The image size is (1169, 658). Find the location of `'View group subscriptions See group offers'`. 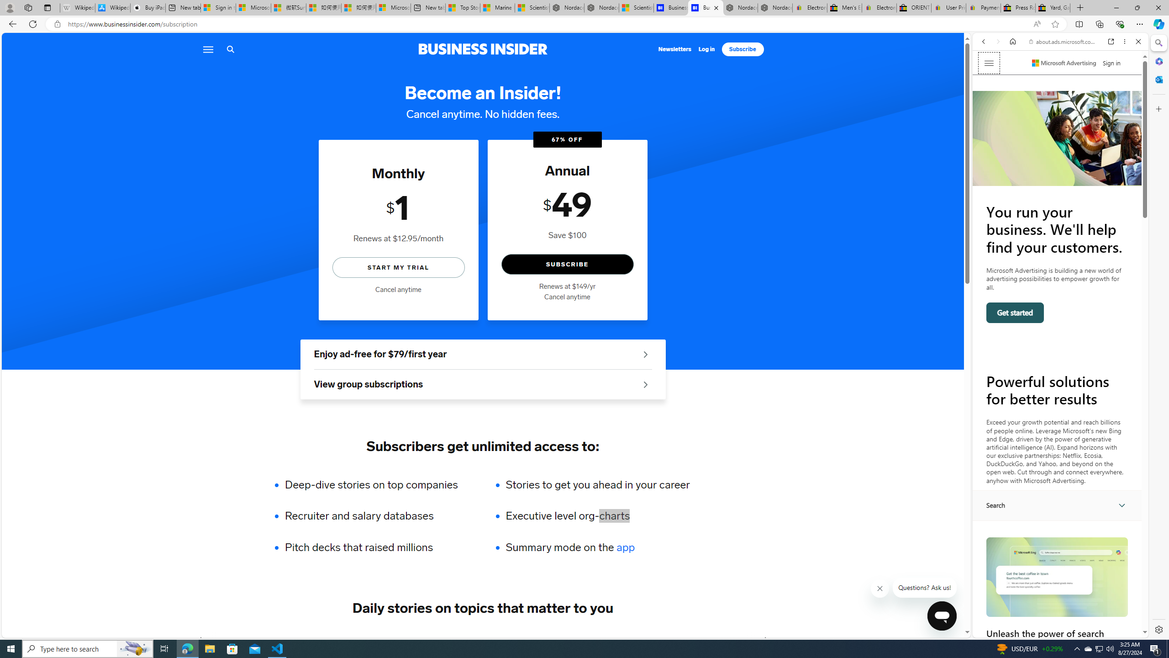

'View group subscriptions See group offers' is located at coordinates (482, 385).